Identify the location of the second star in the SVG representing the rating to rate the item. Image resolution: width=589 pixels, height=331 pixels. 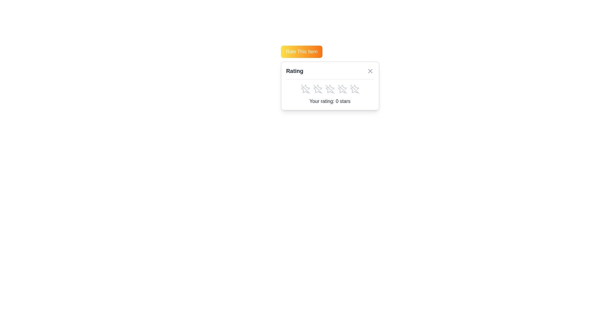
(319, 87).